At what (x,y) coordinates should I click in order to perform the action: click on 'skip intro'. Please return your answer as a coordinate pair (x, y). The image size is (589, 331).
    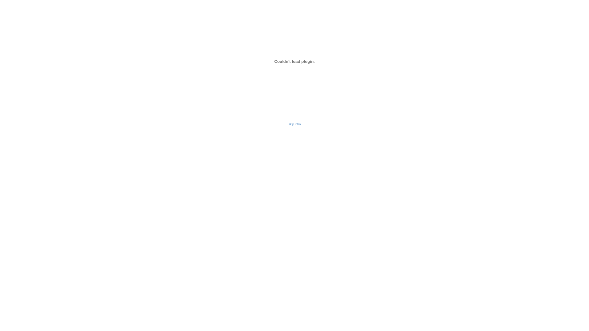
    Looking at the image, I should click on (288, 124).